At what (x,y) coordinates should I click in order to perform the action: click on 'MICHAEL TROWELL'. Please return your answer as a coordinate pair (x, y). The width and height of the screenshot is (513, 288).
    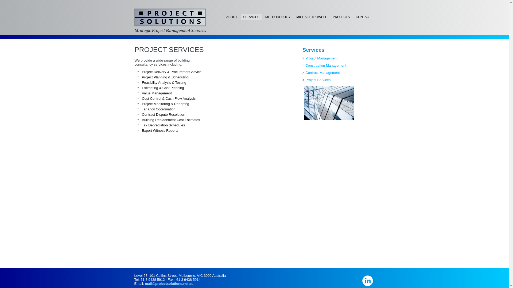
    Looking at the image, I should click on (312, 17).